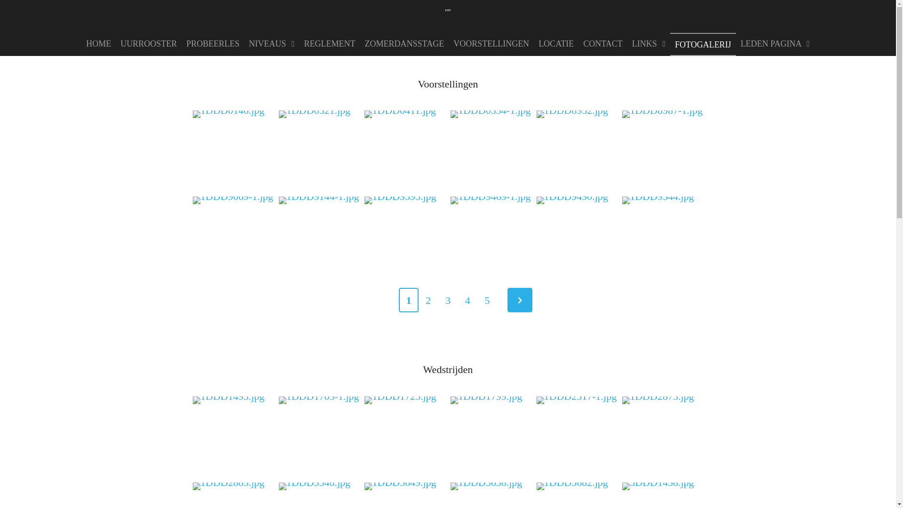 The height and width of the screenshot is (508, 903). I want to click on '2', so click(428, 300).